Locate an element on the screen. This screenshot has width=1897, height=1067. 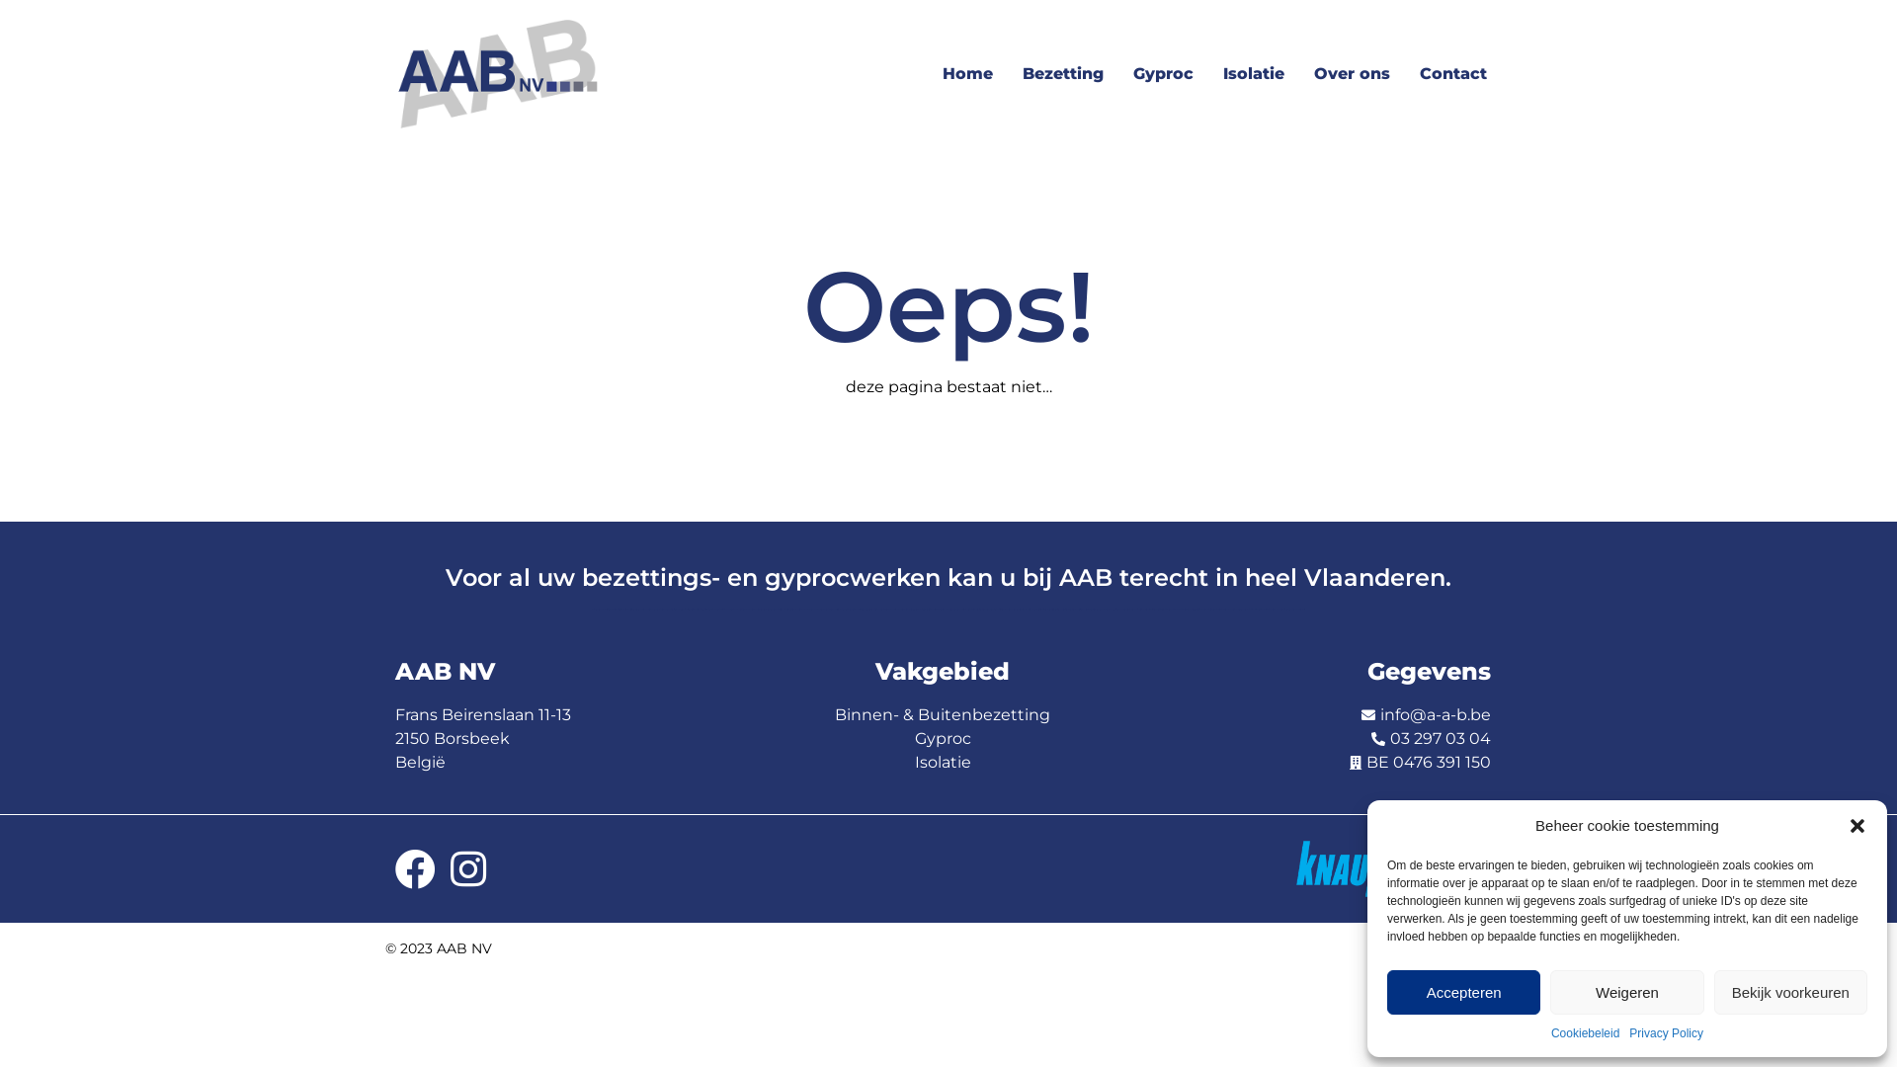
'03 297 03 04' is located at coordinates (1138, 739).